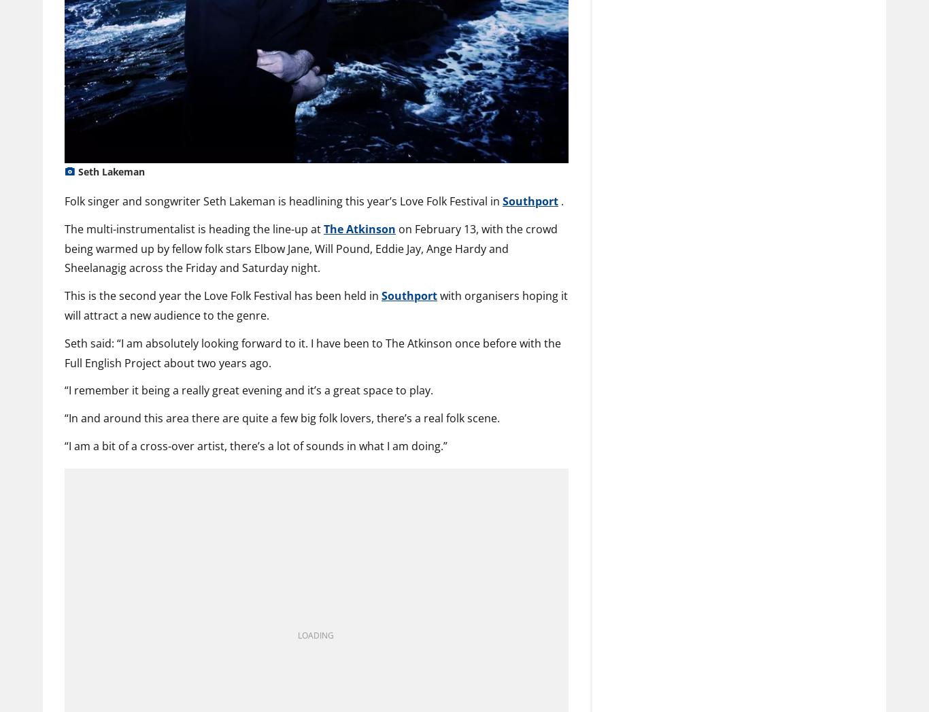 The width and height of the screenshot is (929, 712). Describe the element at coordinates (78, 171) in the screenshot. I see `'Seth Lakeman'` at that location.